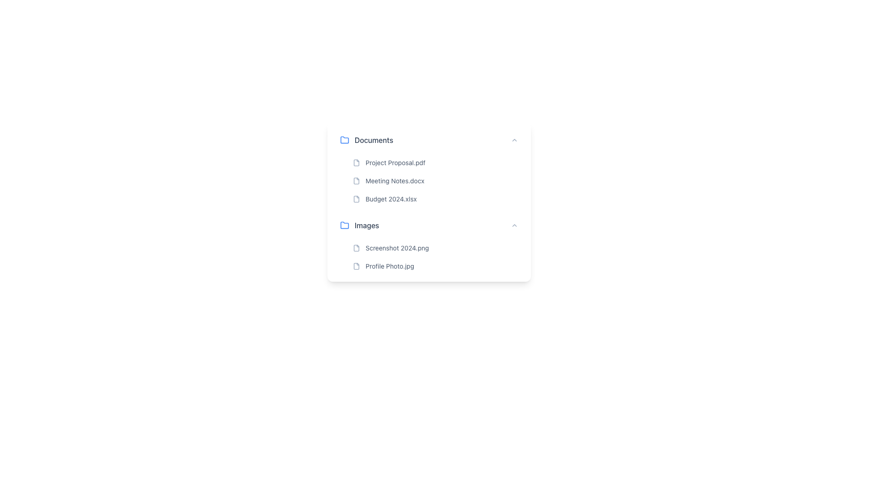 This screenshot has width=872, height=490. What do you see at coordinates (344, 140) in the screenshot?
I see `the folder icon located to the left of the text 'Documents'` at bounding box center [344, 140].